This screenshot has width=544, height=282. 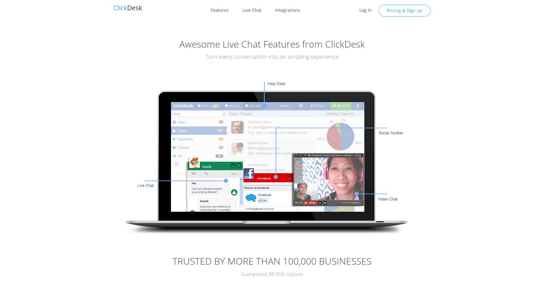 What do you see at coordinates (251, 10) in the screenshot?
I see `'Live Chat'` at bounding box center [251, 10].